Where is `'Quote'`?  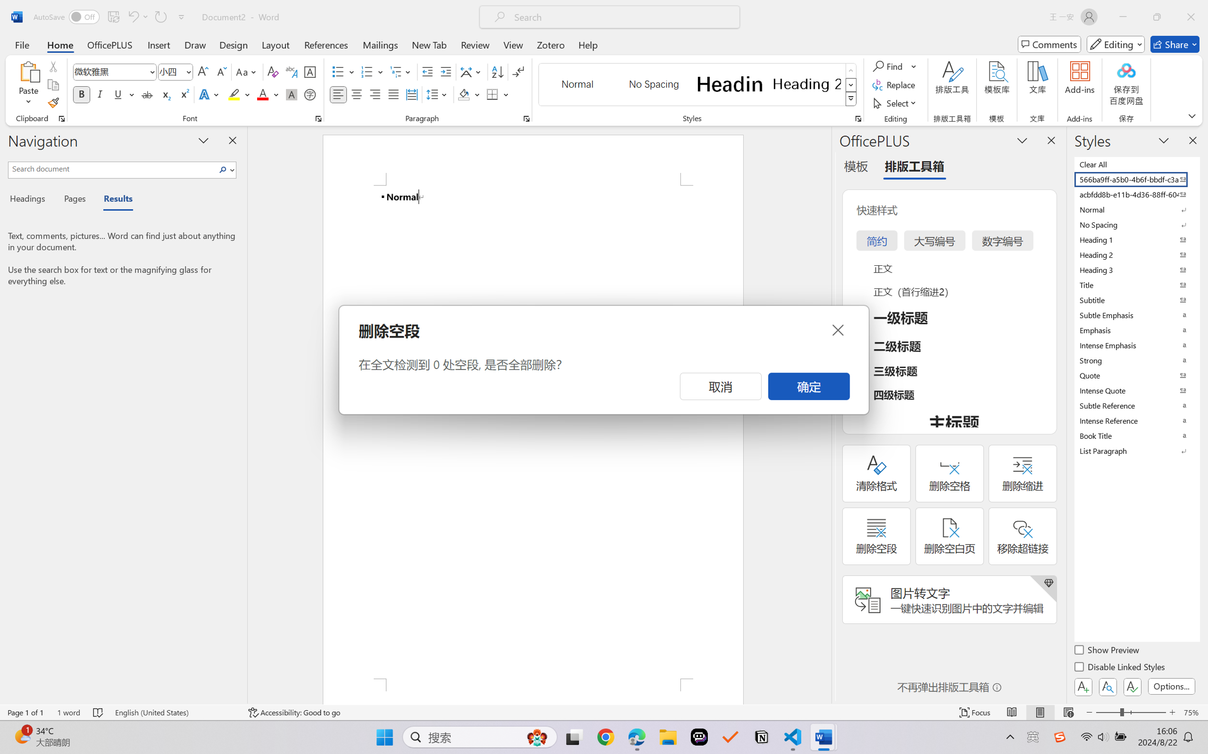 'Quote' is located at coordinates (1136, 375).